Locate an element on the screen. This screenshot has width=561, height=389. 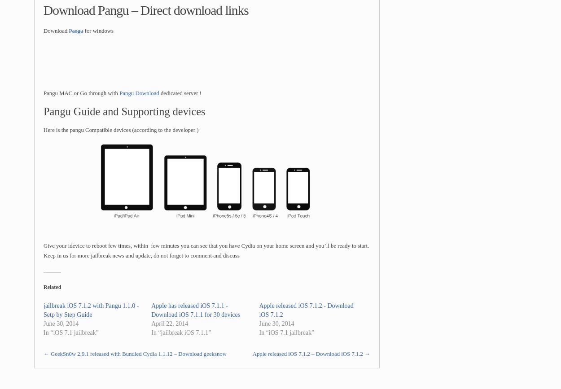
'Related' is located at coordinates (52, 286).